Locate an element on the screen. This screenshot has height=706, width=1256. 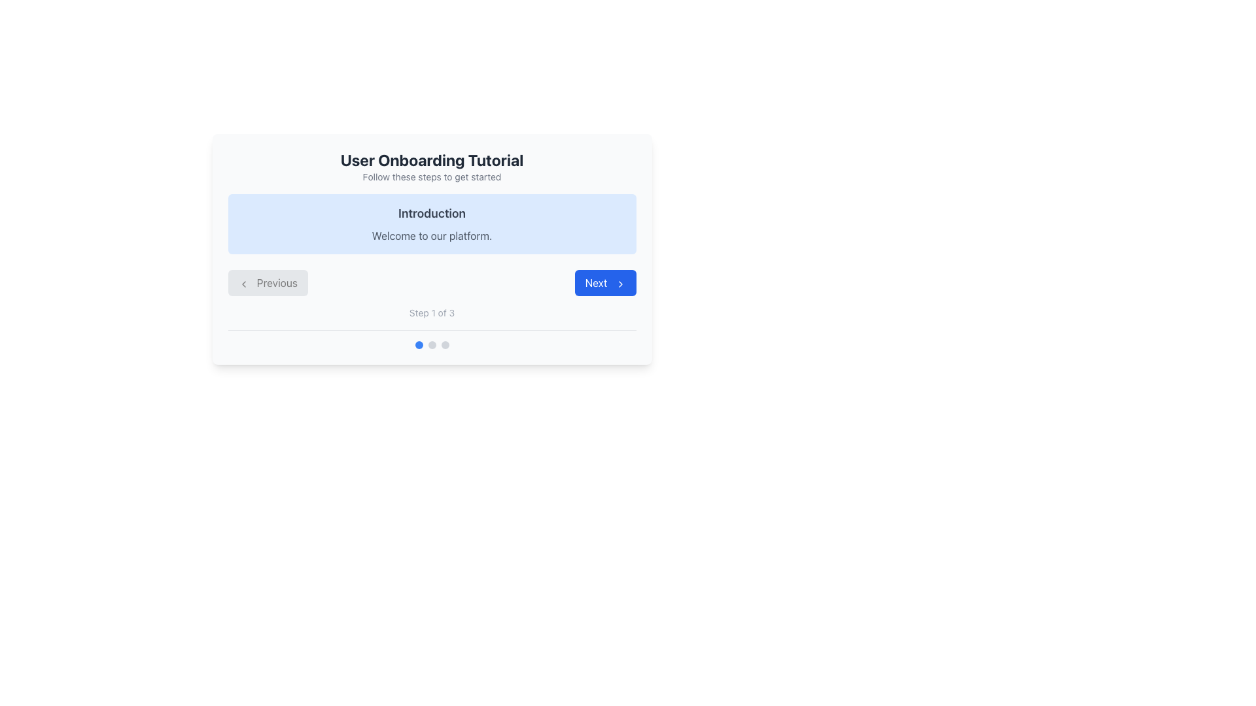
the 'Previous' button, which is a rectangular button with rounded corners, featuring the text 'Previous' and a left-pointing arrow icon is located at coordinates (267, 282).